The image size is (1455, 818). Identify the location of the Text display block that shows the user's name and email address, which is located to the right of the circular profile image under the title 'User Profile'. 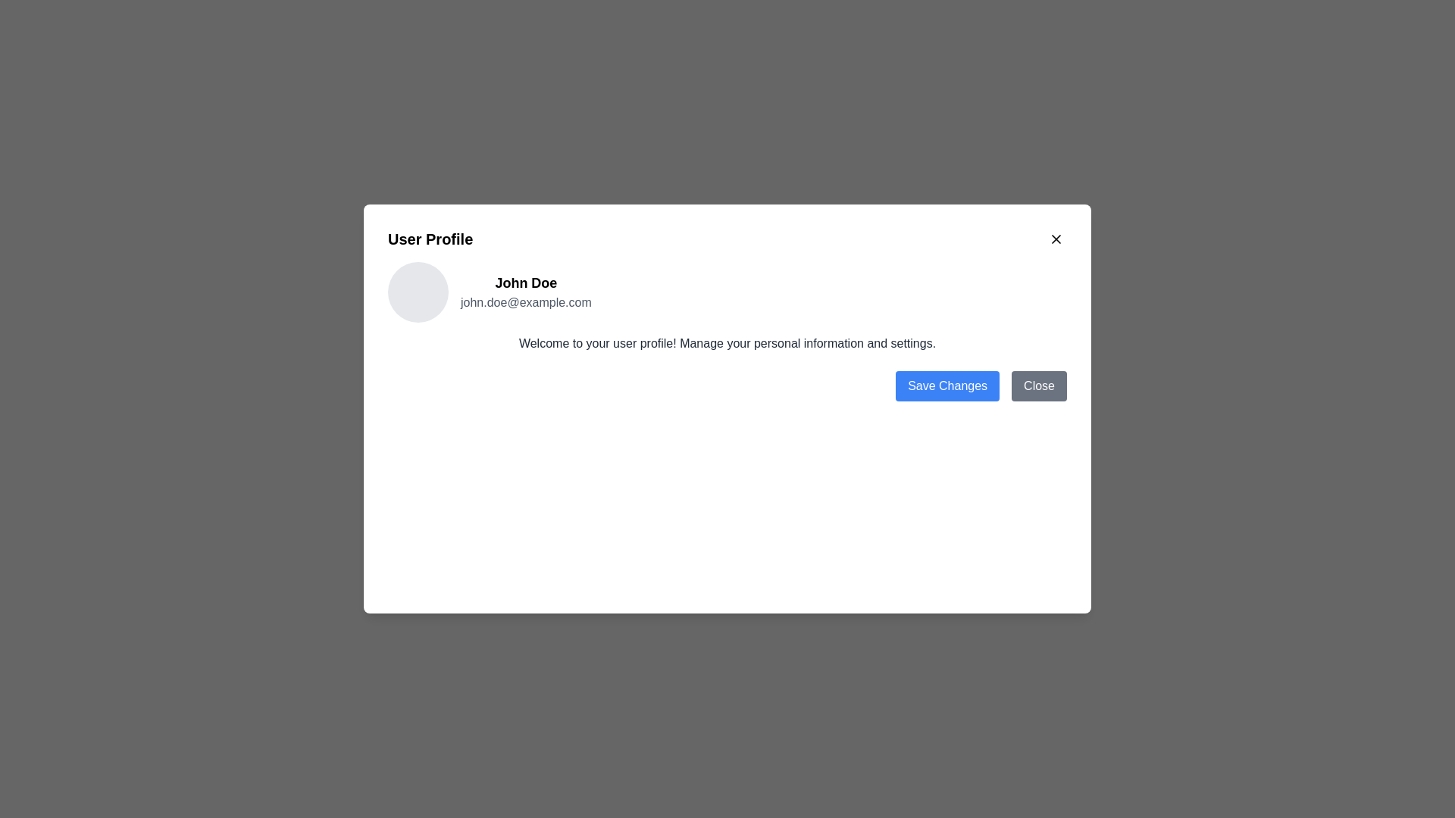
(526, 292).